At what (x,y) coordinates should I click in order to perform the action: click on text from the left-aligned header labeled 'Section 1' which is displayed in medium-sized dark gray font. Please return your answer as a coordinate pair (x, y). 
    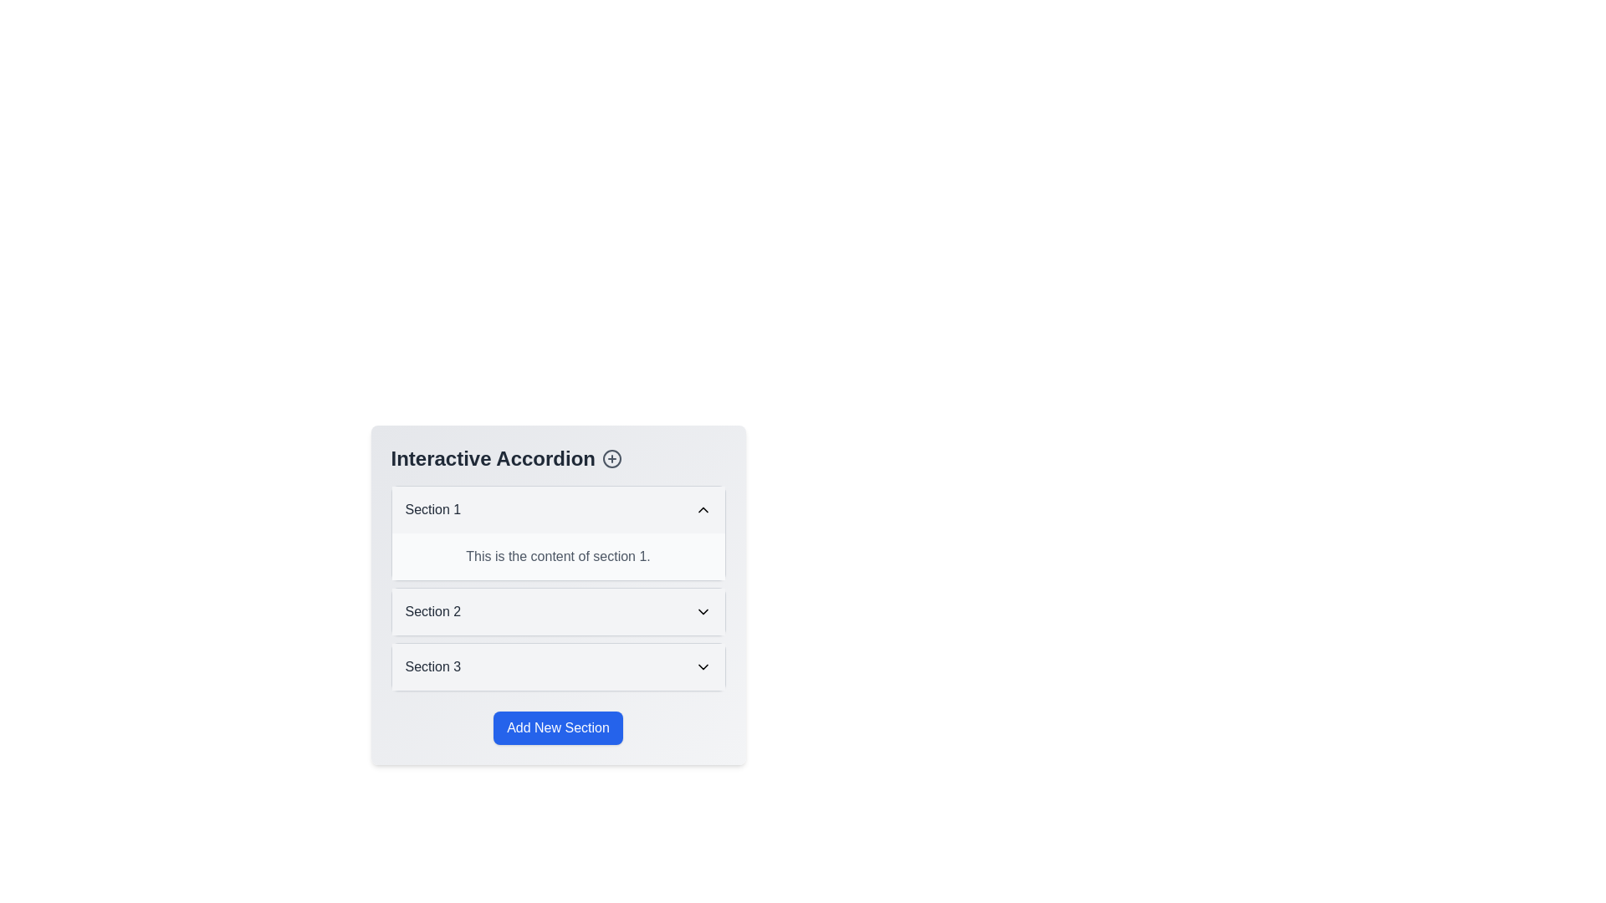
    Looking at the image, I should click on (432, 508).